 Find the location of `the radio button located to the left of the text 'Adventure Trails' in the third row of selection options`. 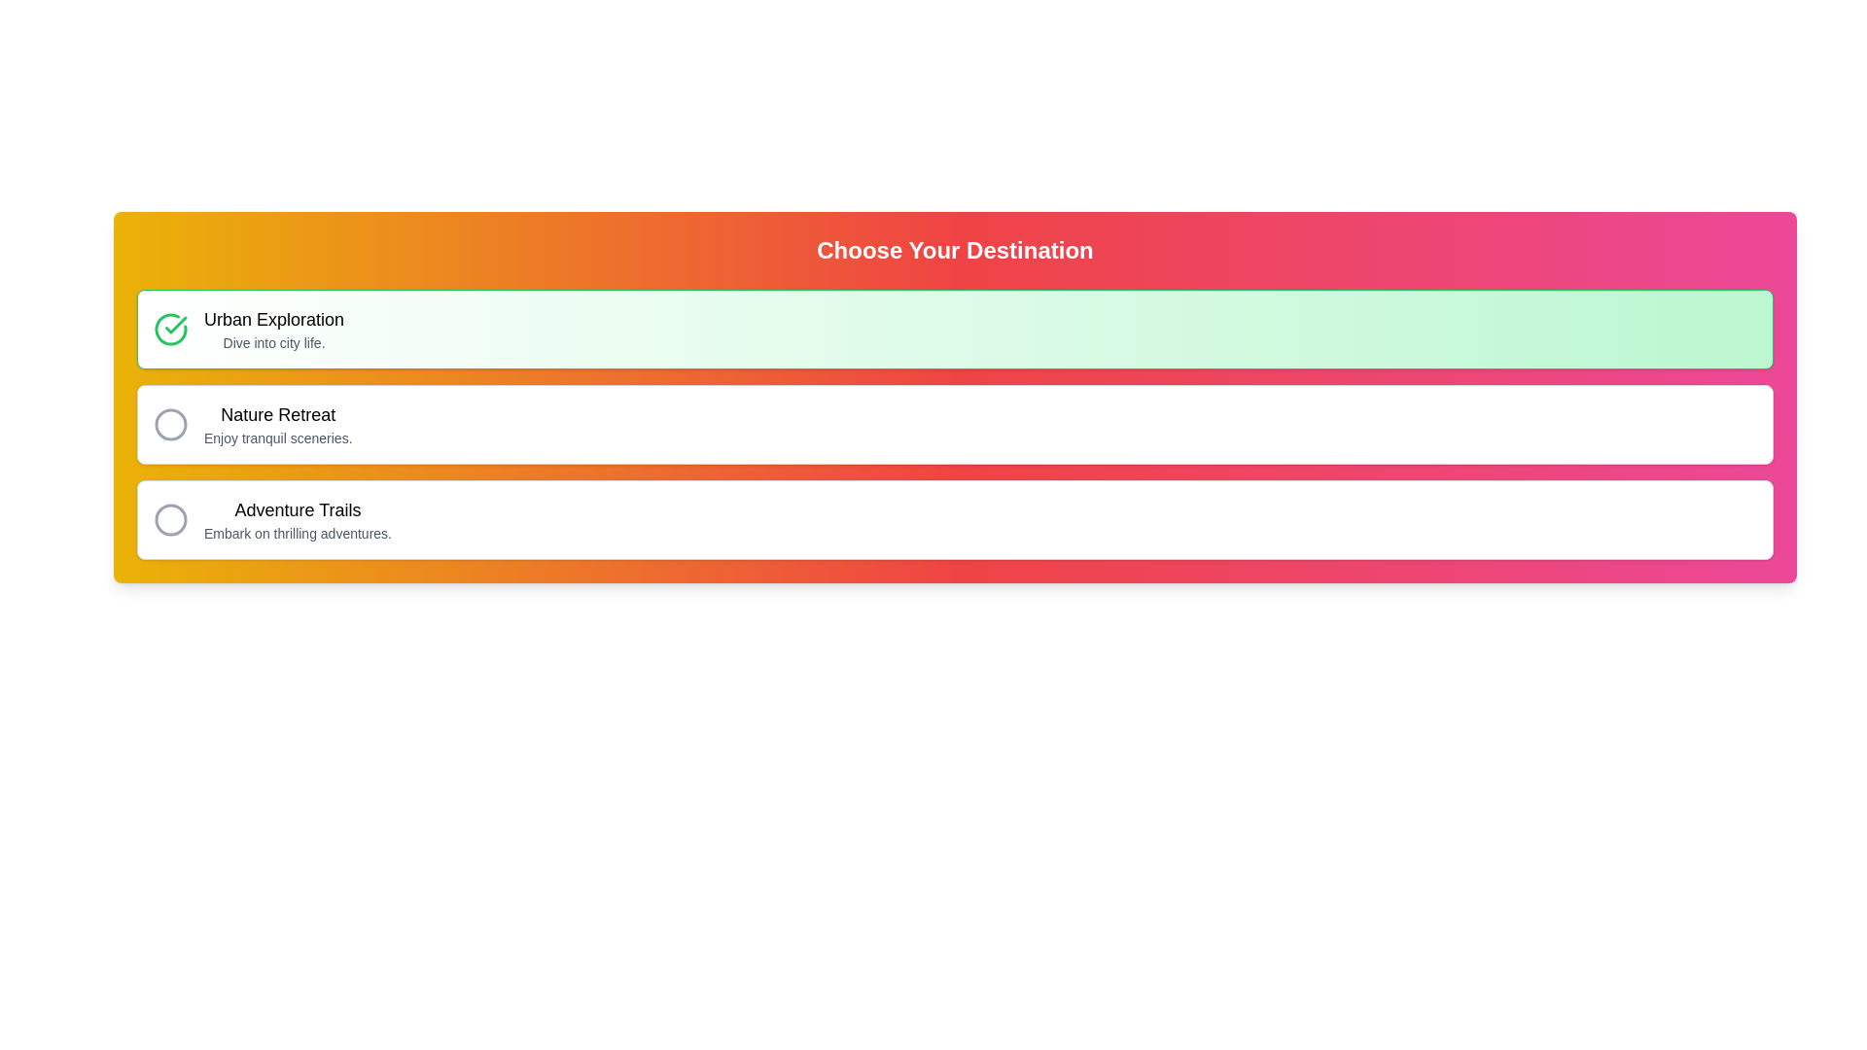

the radio button located to the left of the text 'Adventure Trails' in the third row of selection options is located at coordinates (171, 519).